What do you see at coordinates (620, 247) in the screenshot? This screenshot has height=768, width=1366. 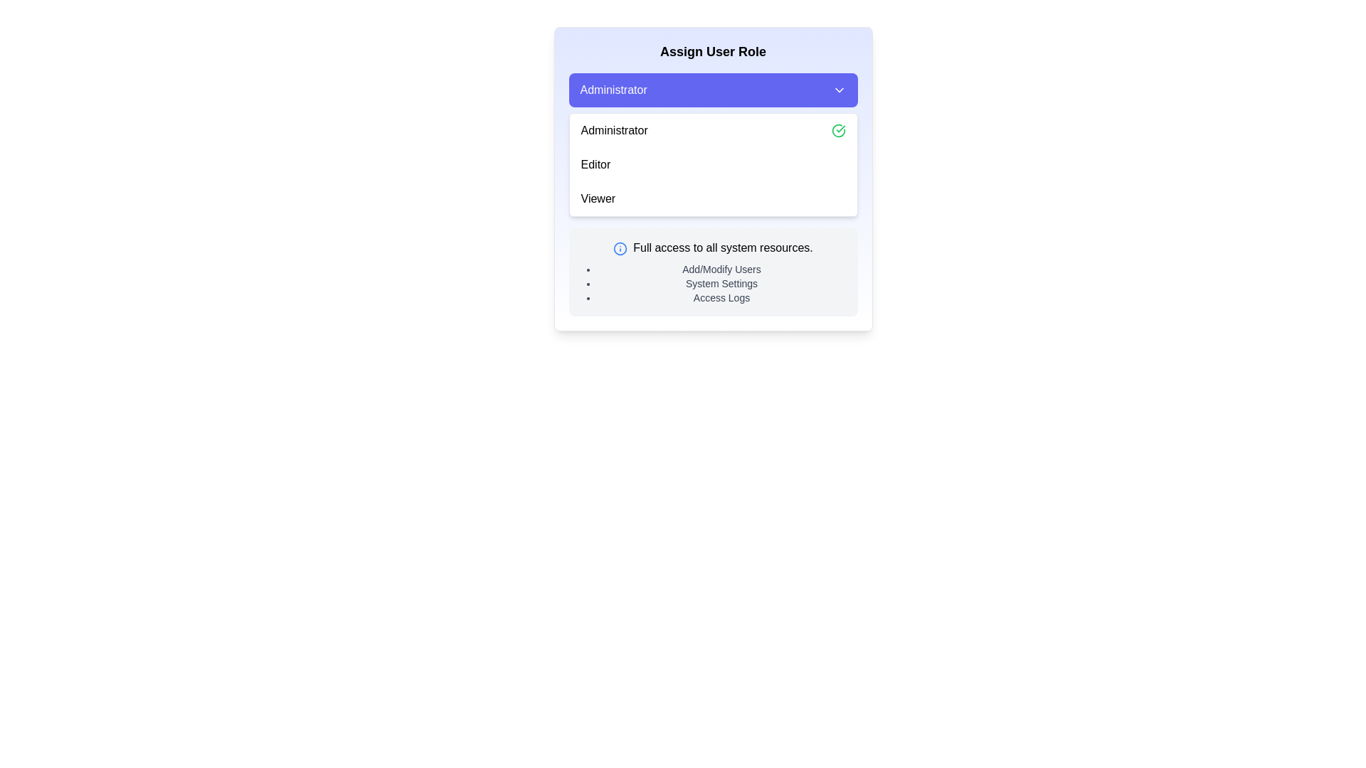 I see `the circular icon with a blue stroke that is part of the informational symbol, located near the text 'Full access to all system resources.'` at bounding box center [620, 247].